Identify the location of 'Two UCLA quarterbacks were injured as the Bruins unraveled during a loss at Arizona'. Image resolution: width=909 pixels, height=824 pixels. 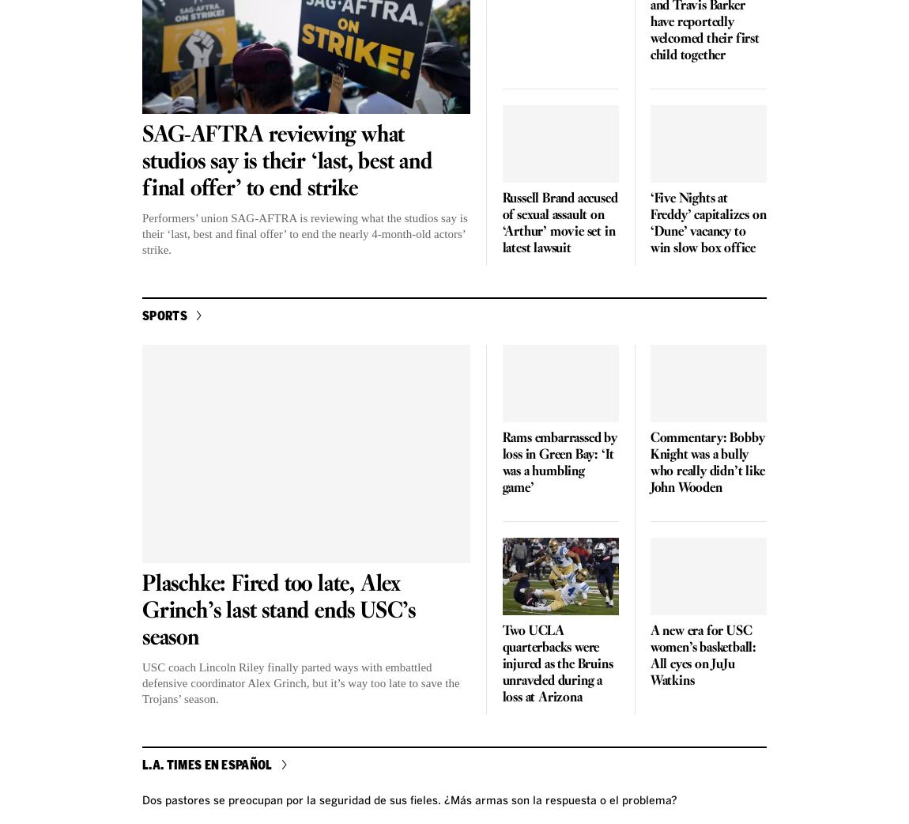
(556, 664).